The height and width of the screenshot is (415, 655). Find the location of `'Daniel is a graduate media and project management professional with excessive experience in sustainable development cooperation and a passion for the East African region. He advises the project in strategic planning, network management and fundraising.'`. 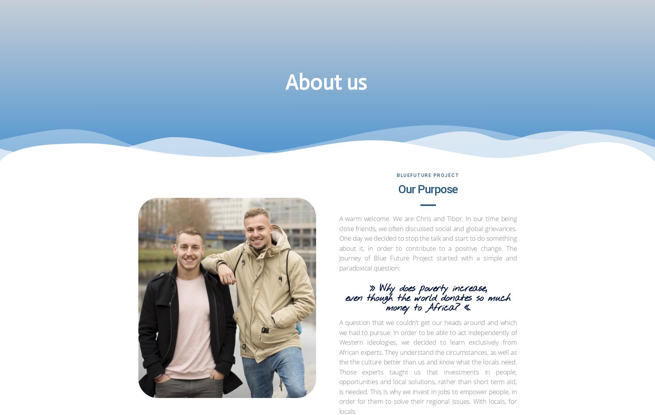

'Daniel is a graduate media and project management professional with excessive experience in sustainable development cooperation and a passion for the East African region. He advises the project in strategic planning, network management and fundraising.' is located at coordinates (437, 290).